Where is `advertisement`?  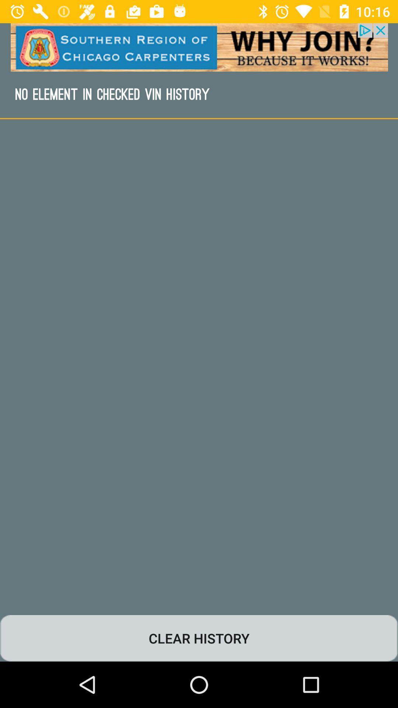
advertisement is located at coordinates (199, 47).